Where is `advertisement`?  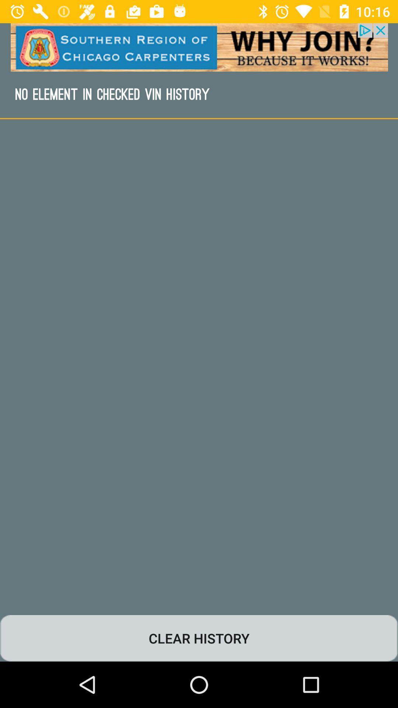
advertisement is located at coordinates (199, 47).